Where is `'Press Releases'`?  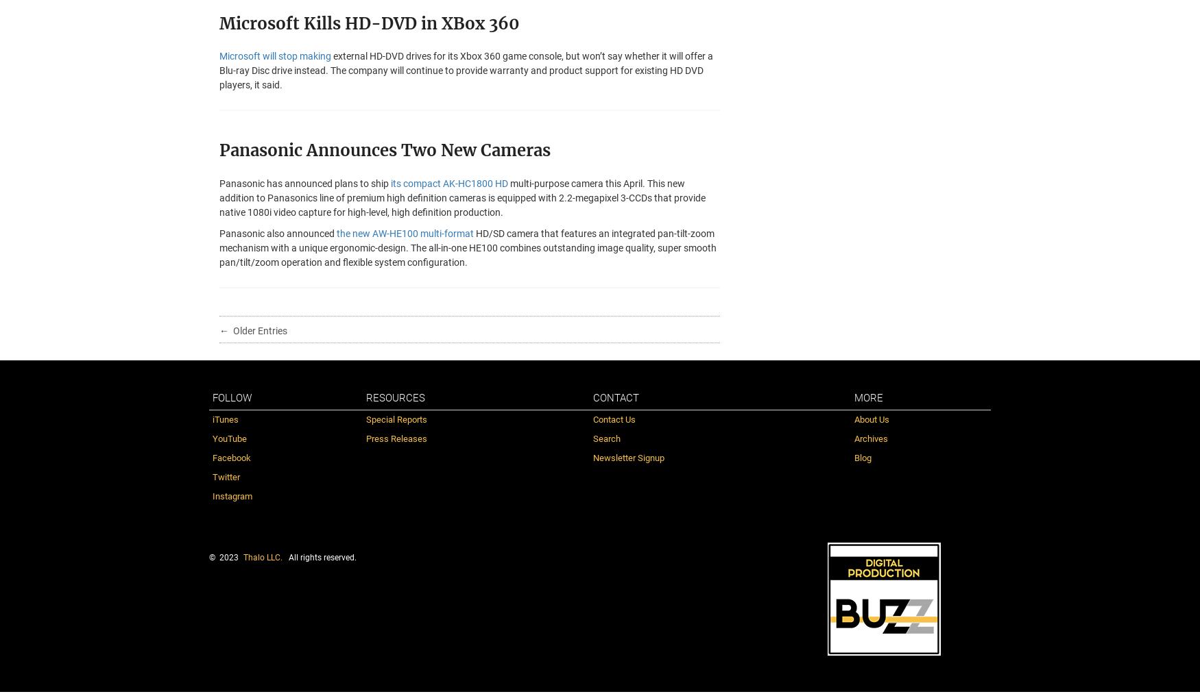 'Press Releases' is located at coordinates (396, 437).